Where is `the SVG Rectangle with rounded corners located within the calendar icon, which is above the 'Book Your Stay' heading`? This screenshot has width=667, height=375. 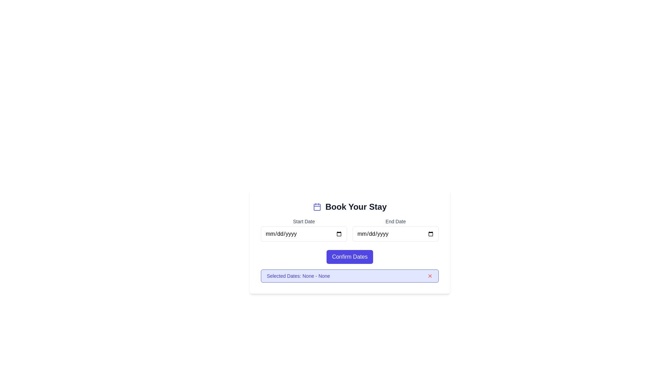 the SVG Rectangle with rounded corners located within the calendar icon, which is above the 'Book Your Stay' heading is located at coordinates (316, 207).